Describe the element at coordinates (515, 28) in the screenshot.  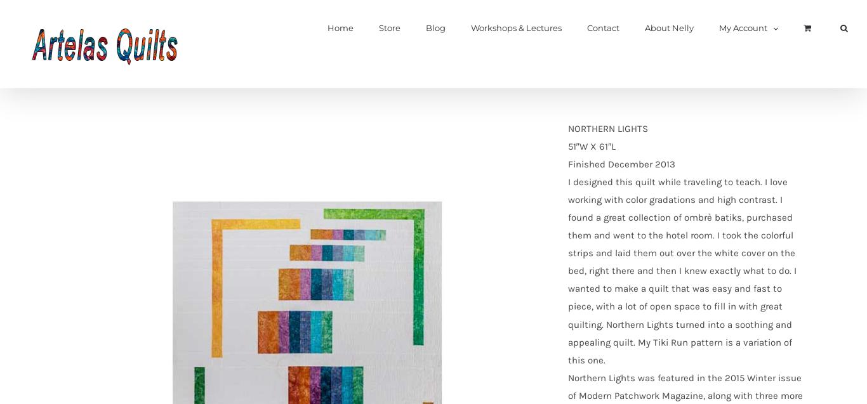
I see `'Workshops & Lectures'` at that location.